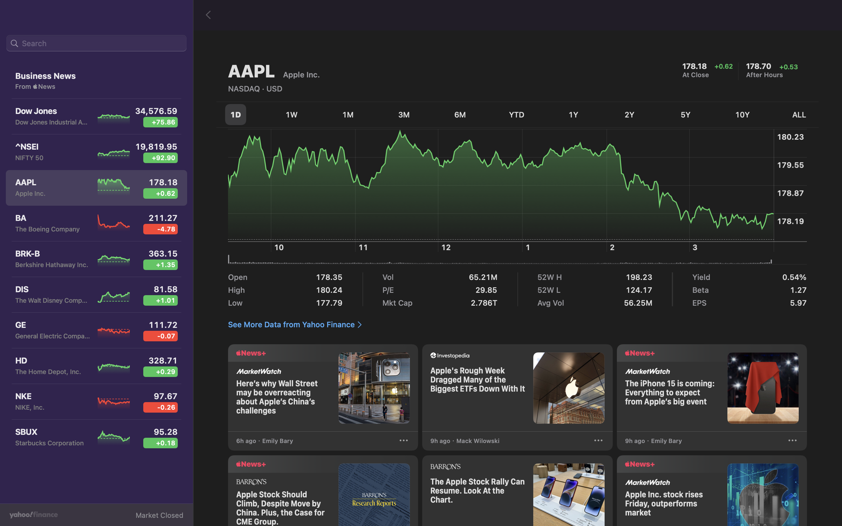 The image size is (842, 526). What do you see at coordinates (404, 115) in the screenshot?
I see `Analyze the movement of stocks for the past quarter` at bounding box center [404, 115].